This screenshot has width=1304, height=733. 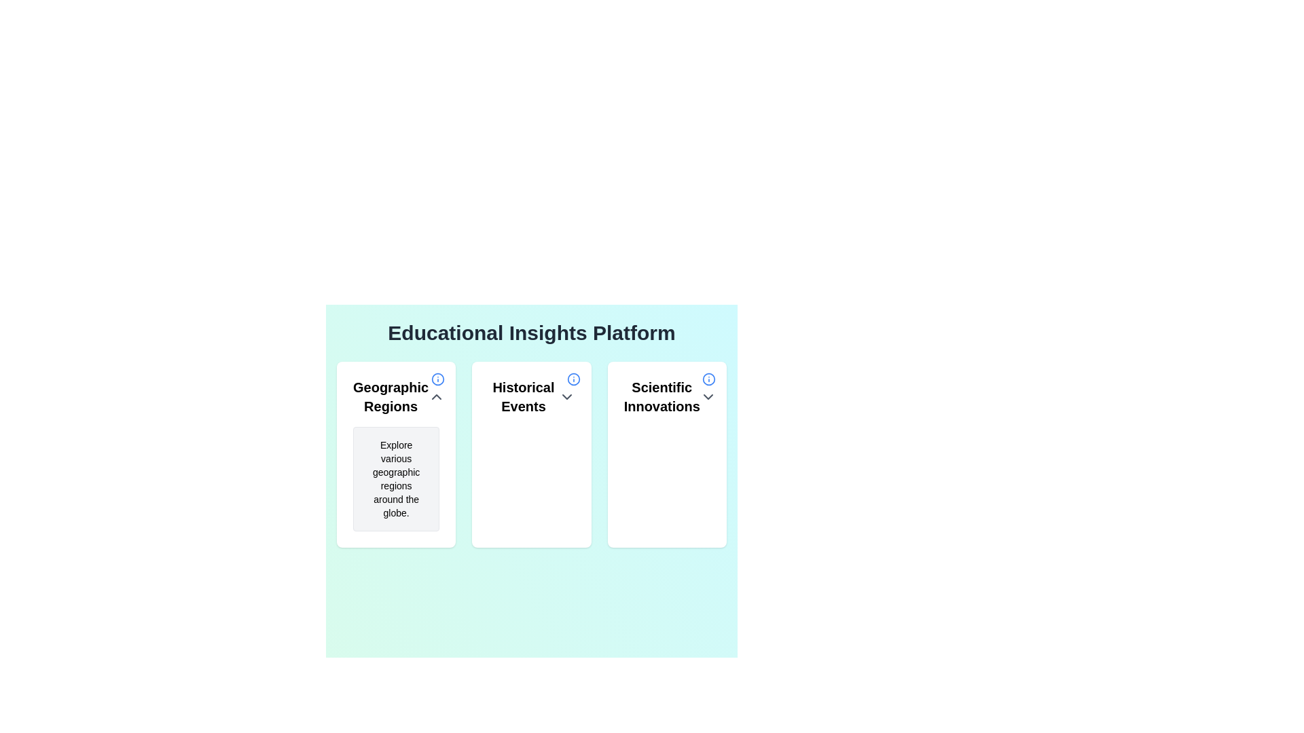 What do you see at coordinates (438, 379) in the screenshot?
I see `the circular boundary part of the icon located in the top-right corner of the first card titled 'Geographic Regions'` at bounding box center [438, 379].